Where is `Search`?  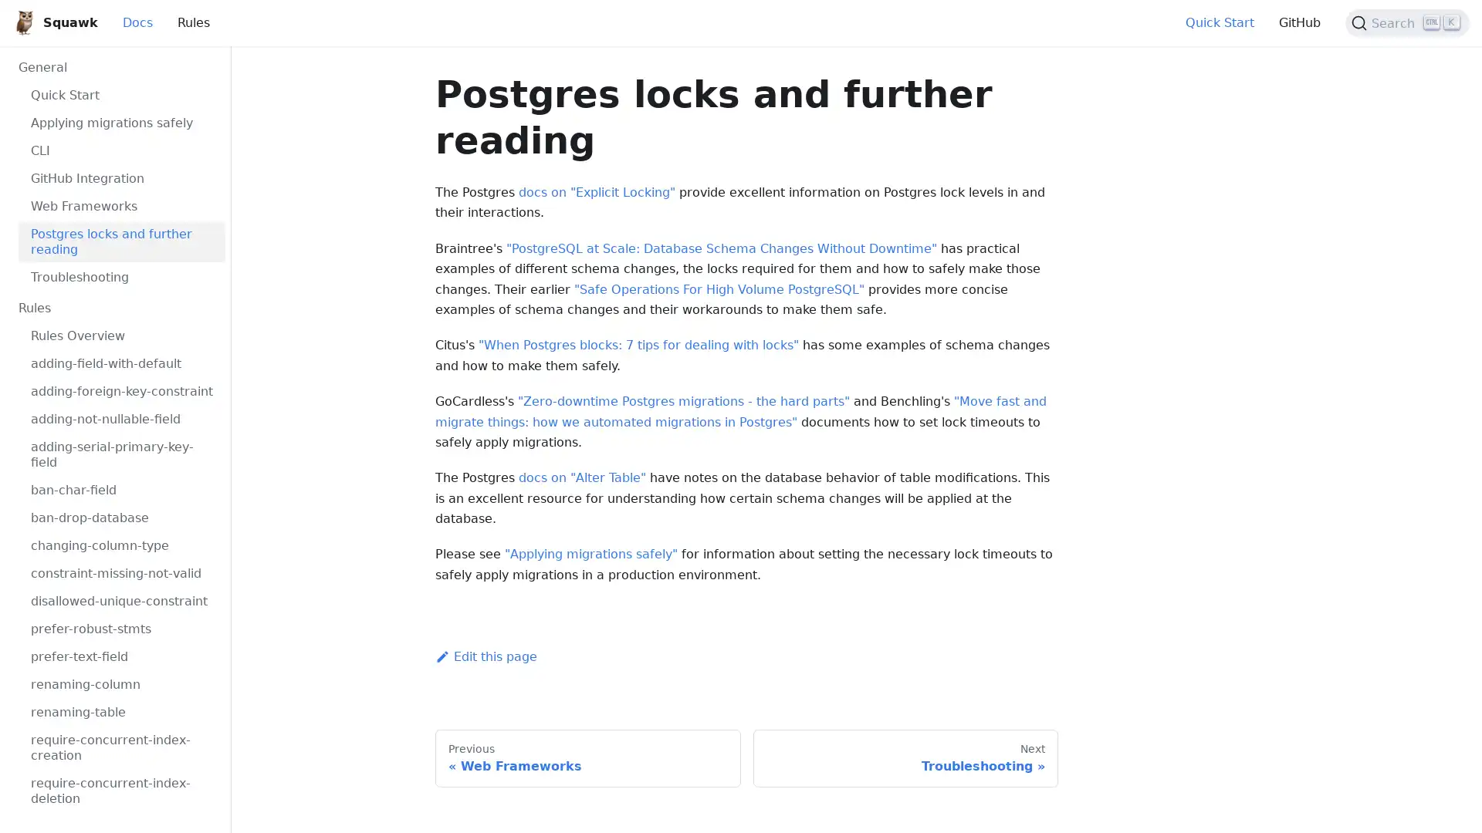 Search is located at coordinates (1407, 23).